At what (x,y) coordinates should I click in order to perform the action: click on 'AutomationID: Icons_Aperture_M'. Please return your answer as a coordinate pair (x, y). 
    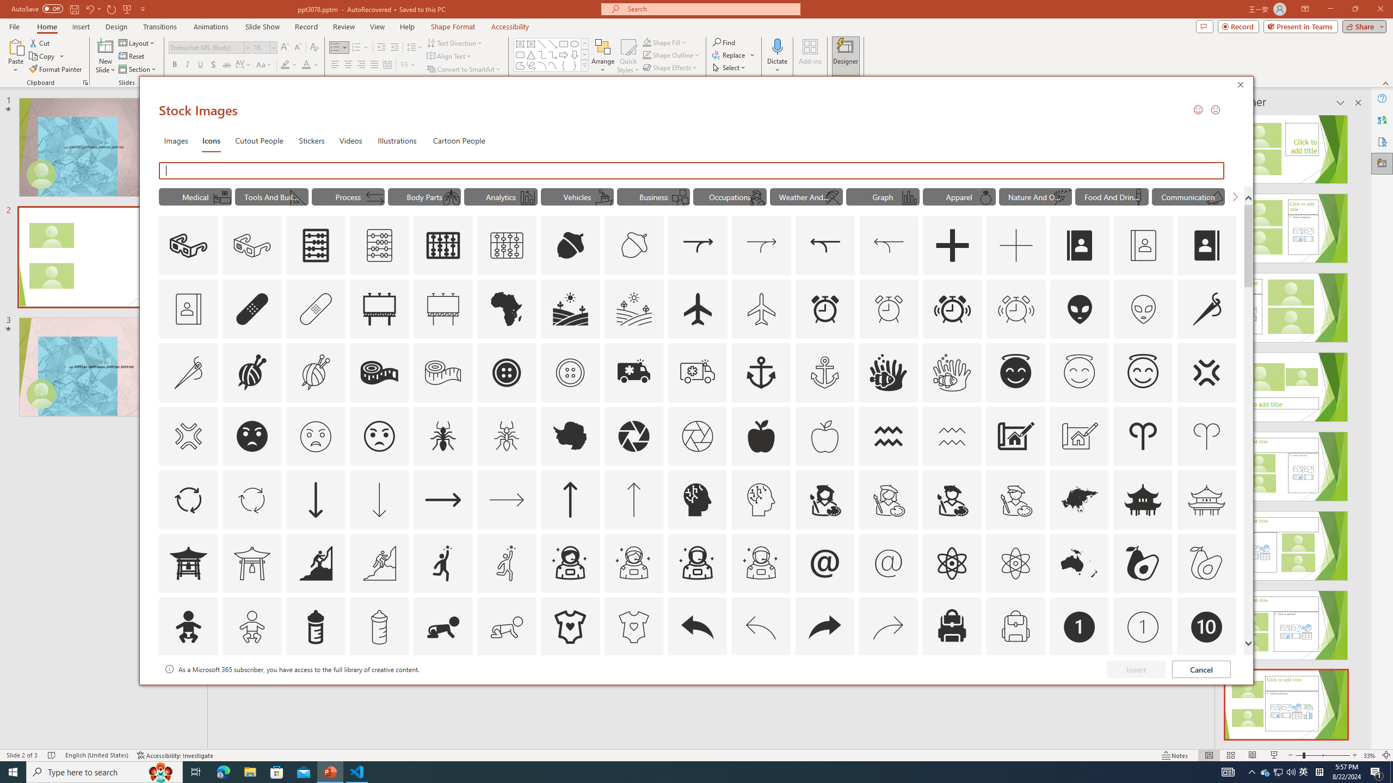
    Looking at the image, I should click on (697, 436).